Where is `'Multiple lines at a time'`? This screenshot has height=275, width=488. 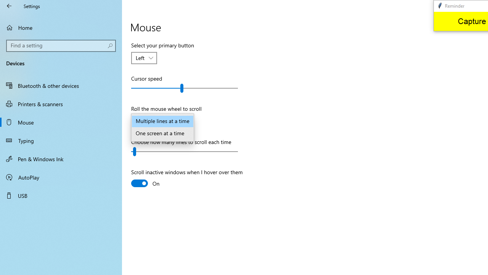
'Multiple lines at a time' is located at coordinates (162, 121).